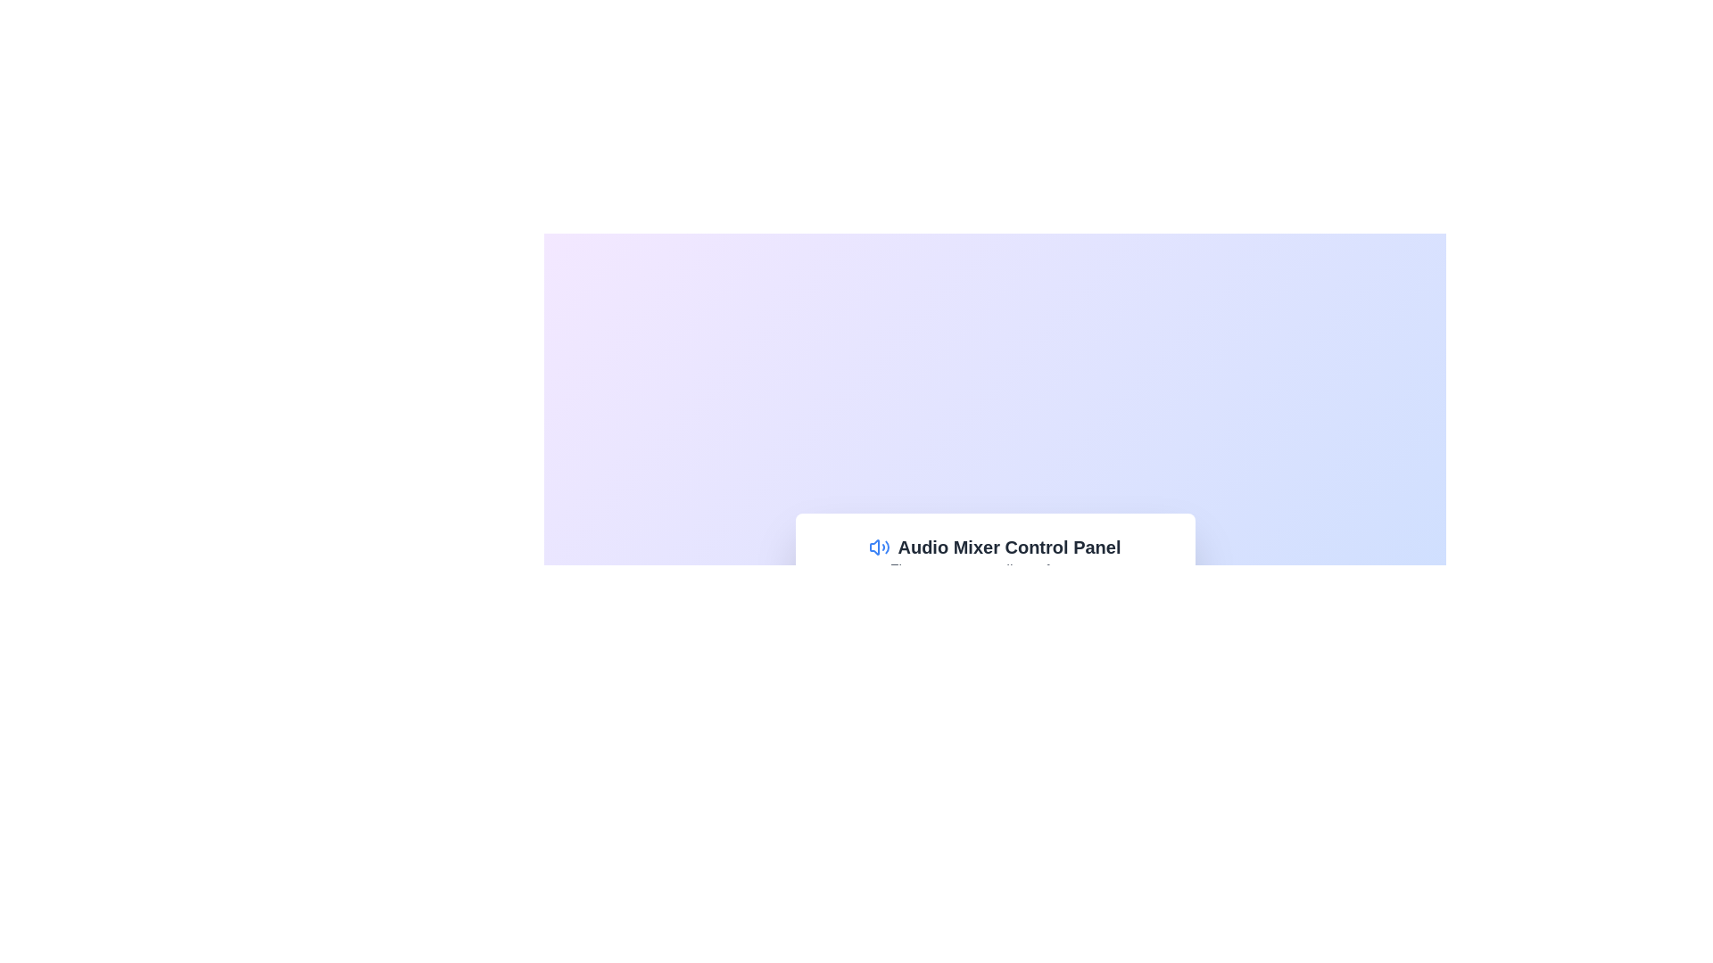  What do you see at coordinates (994, 546) in the screenshot?
I see `the Text Header with Icon that serves as the header for the audio mixer section` at bounding box center [994, 546].